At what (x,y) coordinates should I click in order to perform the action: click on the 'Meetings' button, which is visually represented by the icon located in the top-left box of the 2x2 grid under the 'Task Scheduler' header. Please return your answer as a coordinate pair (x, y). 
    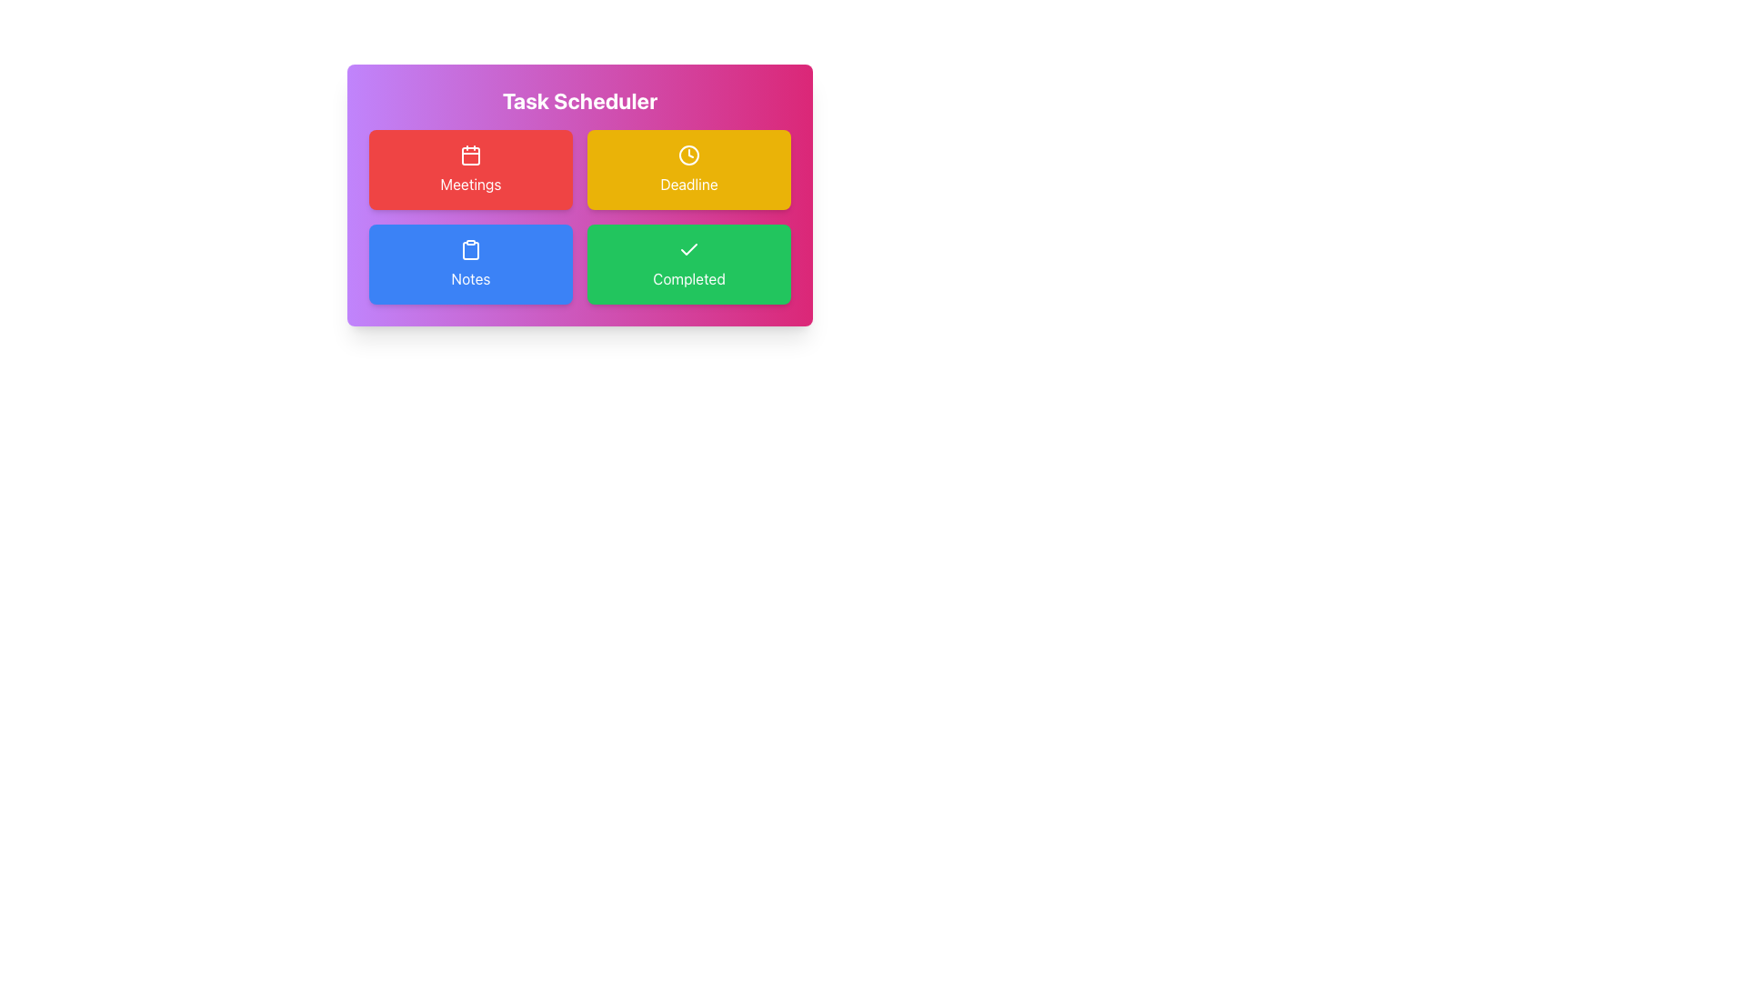
    Looking at the image, I should click on (471, 154).